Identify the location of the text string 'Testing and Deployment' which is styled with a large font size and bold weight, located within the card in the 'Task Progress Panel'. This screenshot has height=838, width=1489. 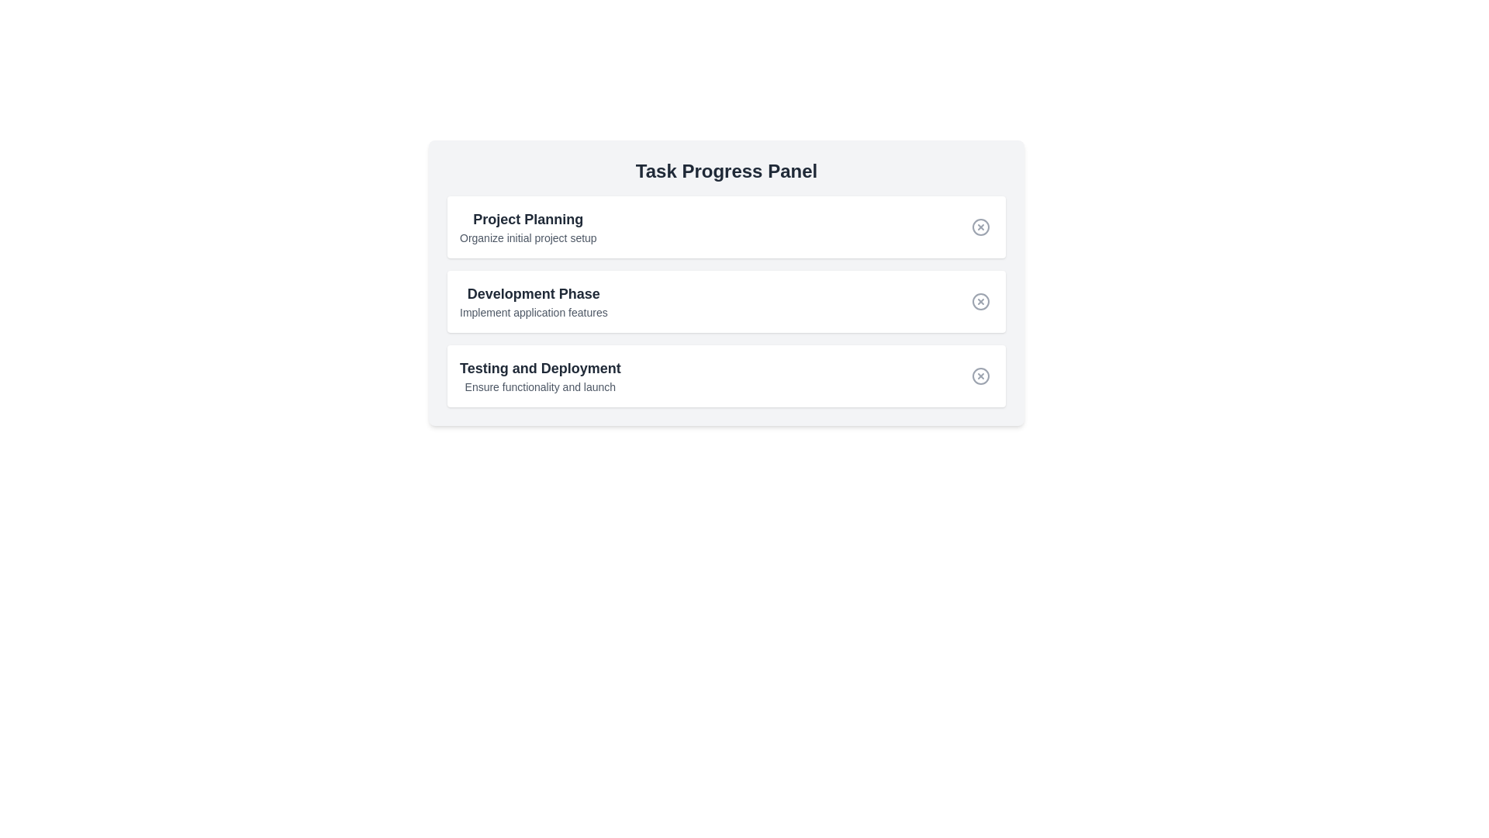
(540, 368).